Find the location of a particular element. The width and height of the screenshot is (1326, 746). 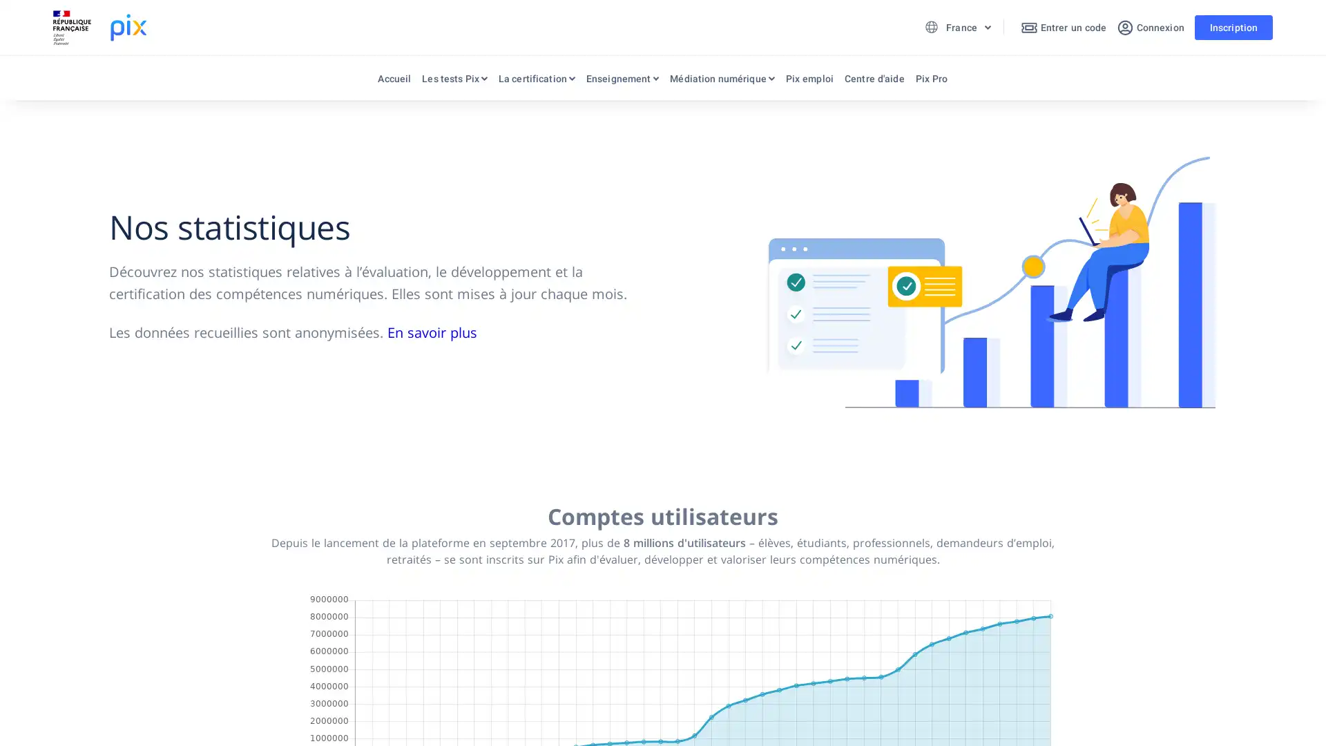

Les tests Pix is located at coordinates (454, 82).